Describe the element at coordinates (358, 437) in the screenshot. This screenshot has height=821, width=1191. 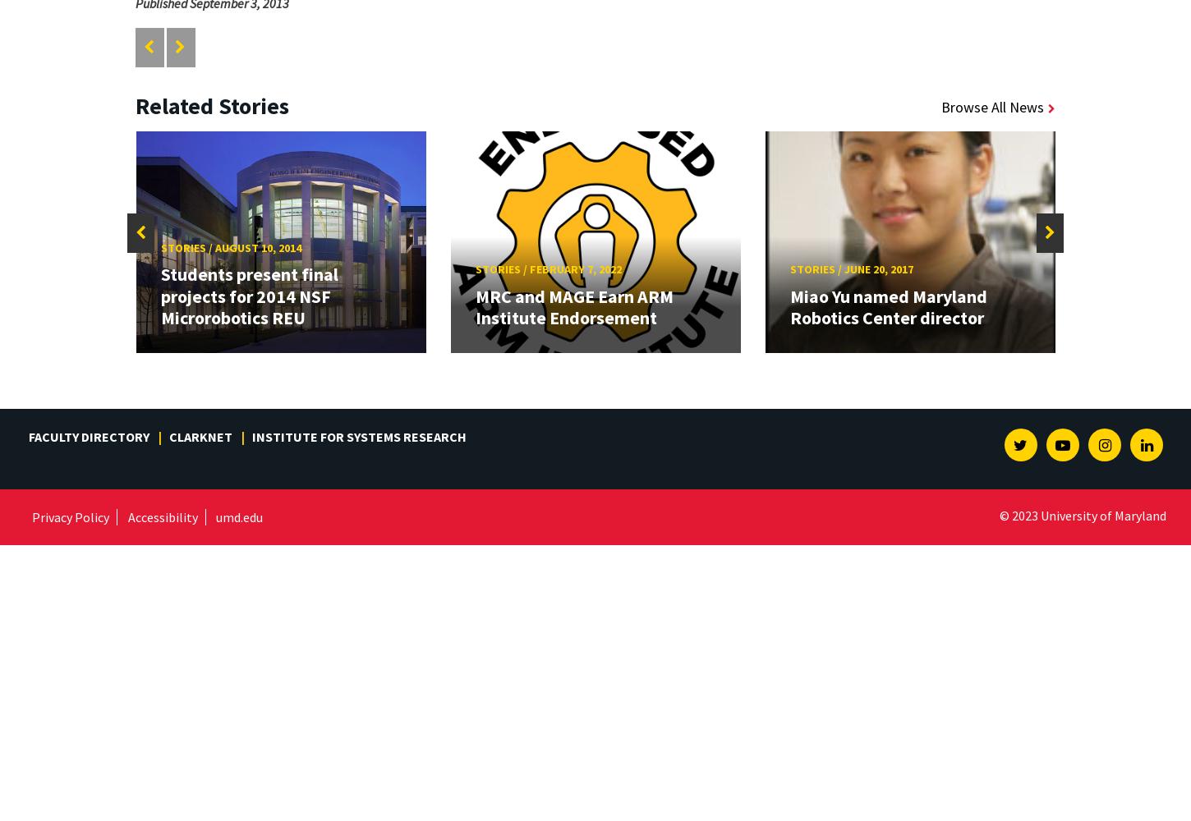
I see `'Institute for Systems Research'` at that location.